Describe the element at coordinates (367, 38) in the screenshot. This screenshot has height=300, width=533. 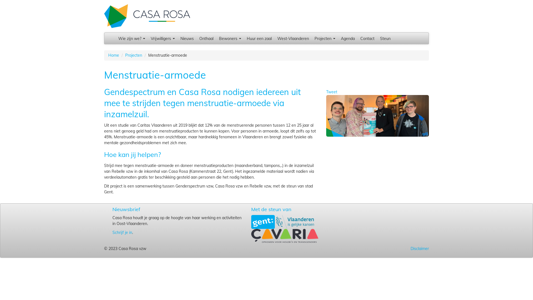
I see `'Contact'` at that location.